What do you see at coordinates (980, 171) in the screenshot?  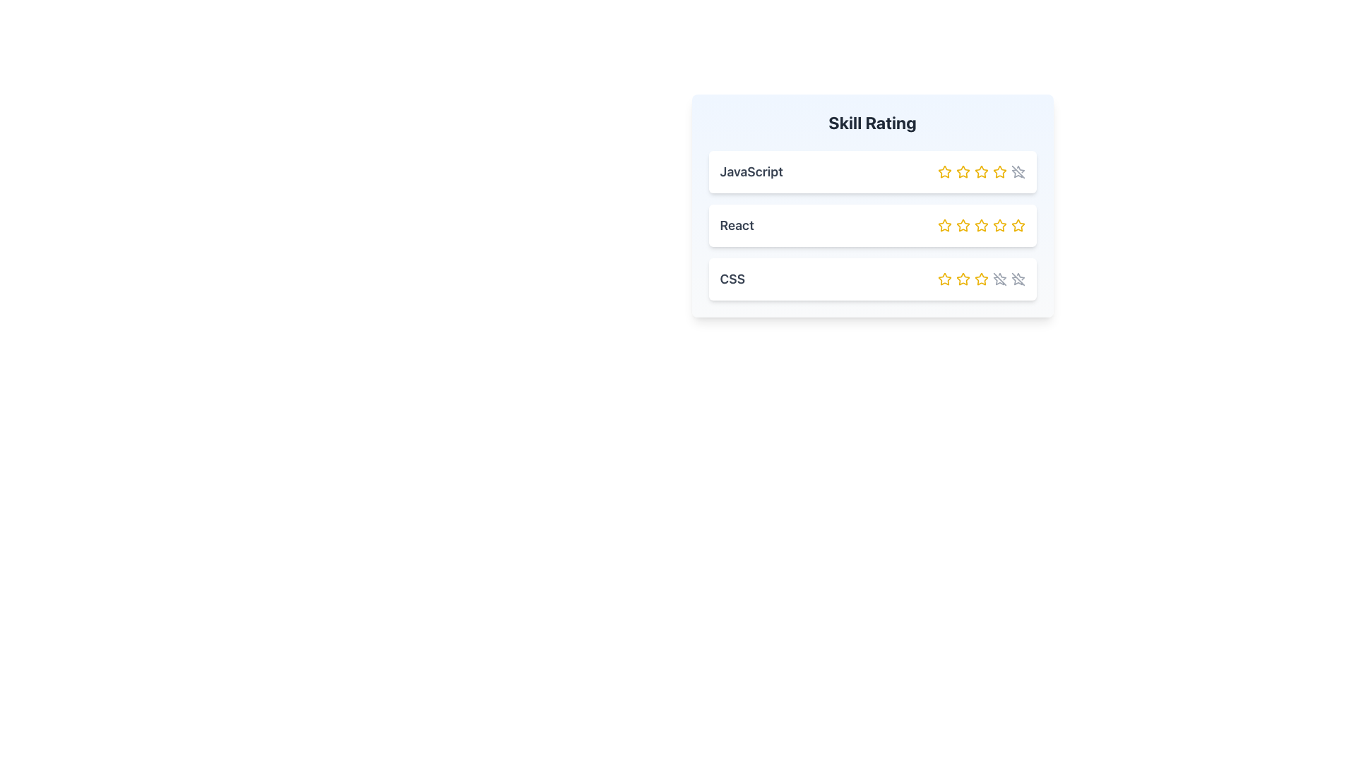 I see `the fourth star icon in the five-star rating system for 'JavaScript'` at bounding box center [980, 171].